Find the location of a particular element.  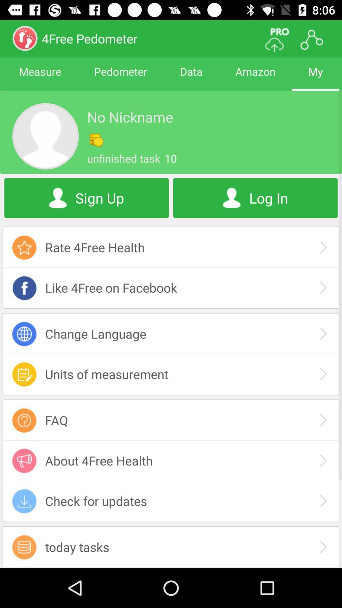

the avatar icon is located at coordinates (45, 136).